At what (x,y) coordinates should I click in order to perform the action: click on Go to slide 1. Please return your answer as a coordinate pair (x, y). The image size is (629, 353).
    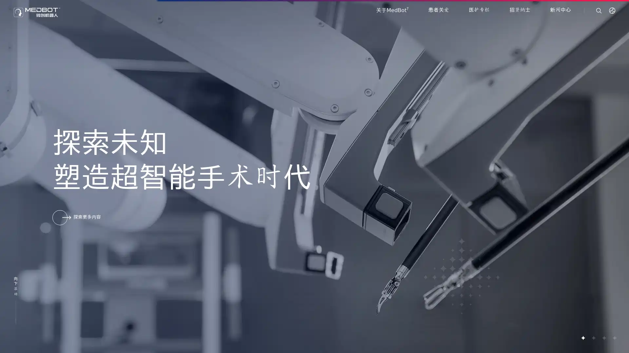
    Looking at the image, I should click on (583, 338).